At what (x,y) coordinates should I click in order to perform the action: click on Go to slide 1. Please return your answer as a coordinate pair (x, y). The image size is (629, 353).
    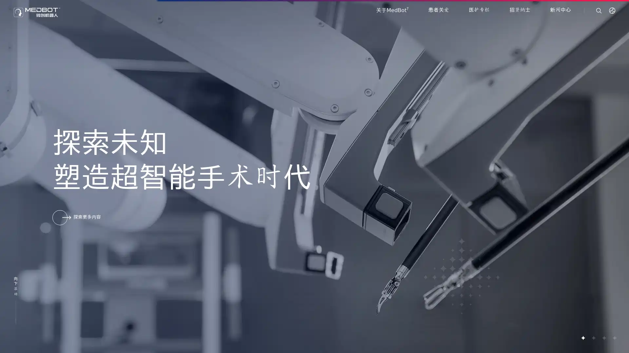
    Looking at the image, I should click on (583, 338).